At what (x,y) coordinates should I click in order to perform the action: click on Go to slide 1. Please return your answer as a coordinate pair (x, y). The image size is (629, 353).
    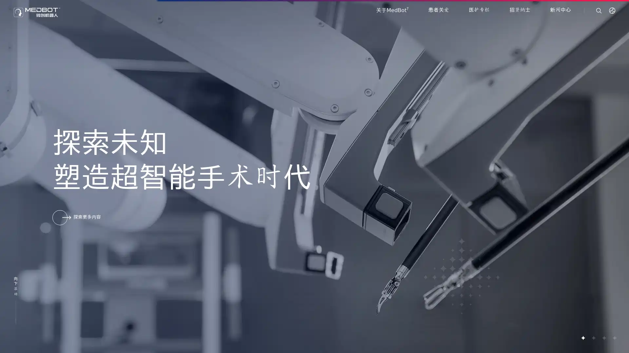
    Looking at the image, I should click on (583, 338).